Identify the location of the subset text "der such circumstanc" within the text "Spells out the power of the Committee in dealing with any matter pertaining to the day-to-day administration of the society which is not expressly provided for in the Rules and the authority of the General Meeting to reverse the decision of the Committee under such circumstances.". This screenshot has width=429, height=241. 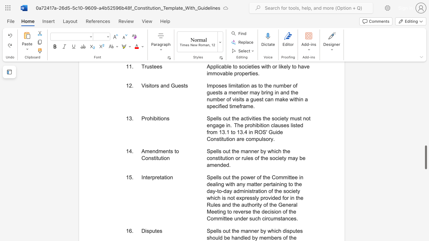
(240, 219).